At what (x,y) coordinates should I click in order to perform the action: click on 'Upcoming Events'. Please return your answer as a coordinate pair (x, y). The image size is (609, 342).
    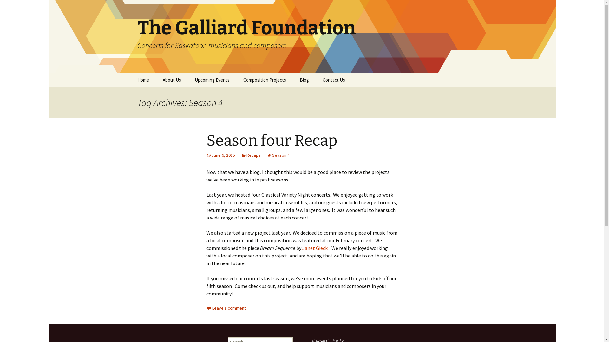
    Looking at the image, I should click on (212, 79).